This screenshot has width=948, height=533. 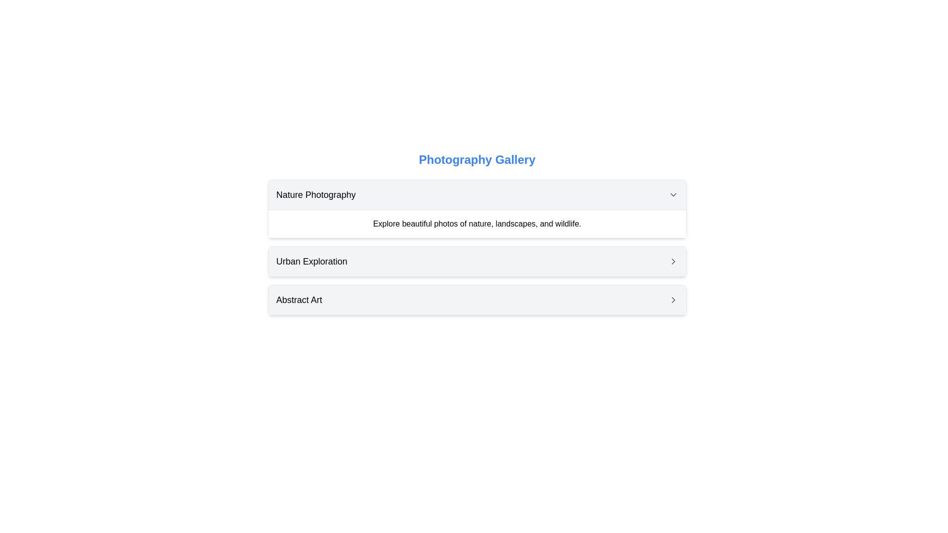 I want to click on the text label 'Urban Exploration', so click(x=311, y=261).